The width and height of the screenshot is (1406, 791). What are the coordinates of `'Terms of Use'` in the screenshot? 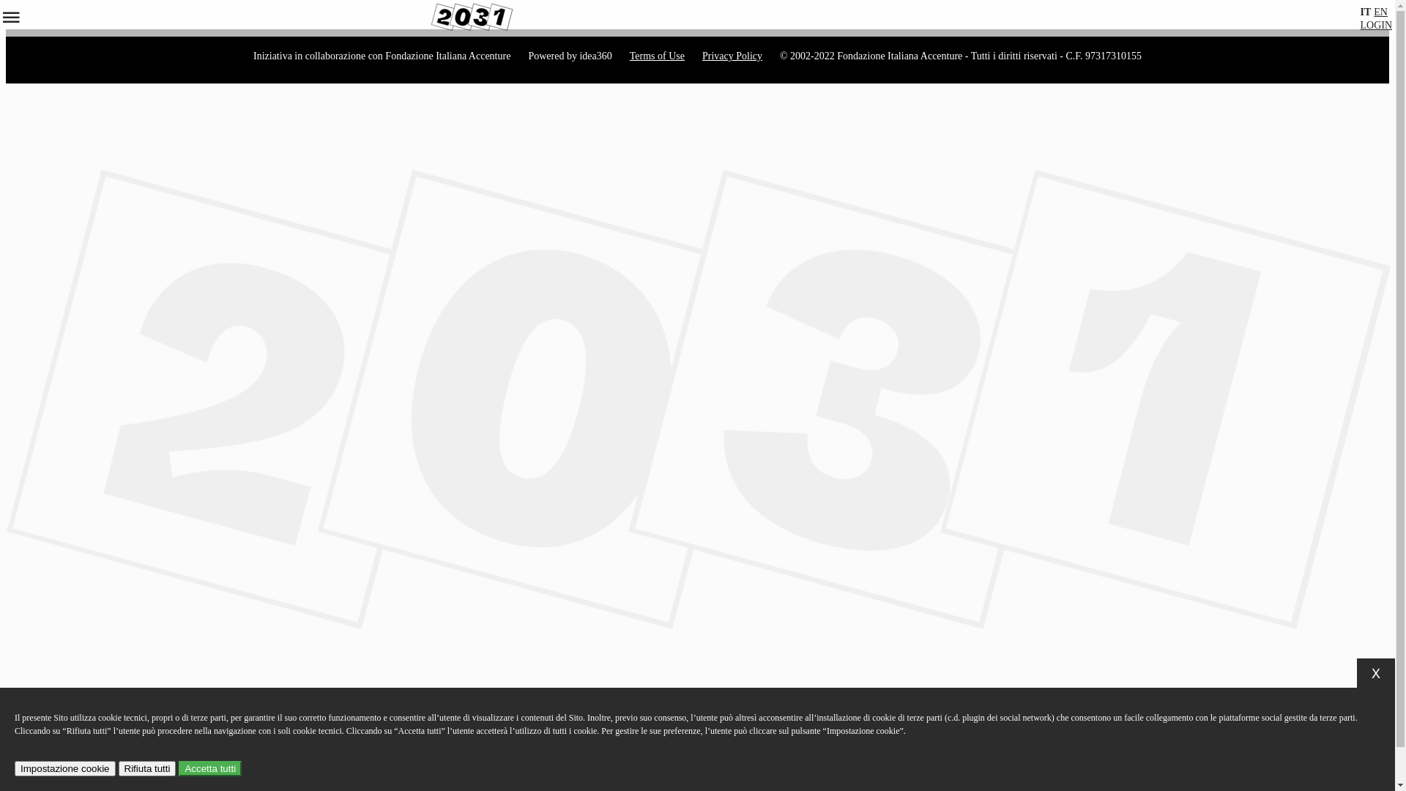 It's located at (656, 56).